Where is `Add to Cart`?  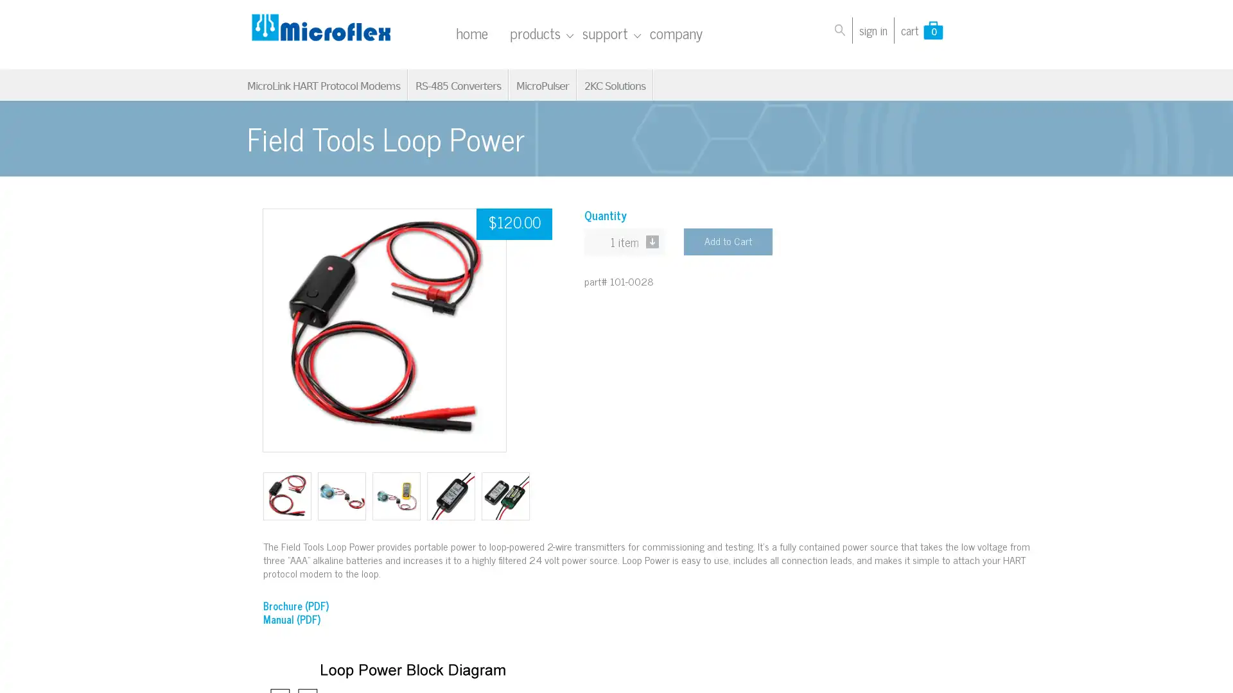 Add to Cart is located at coordinates (728, 242).